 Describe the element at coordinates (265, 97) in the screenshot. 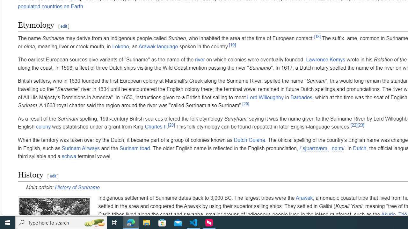

I see `'Lord Willoughby'` at that location.